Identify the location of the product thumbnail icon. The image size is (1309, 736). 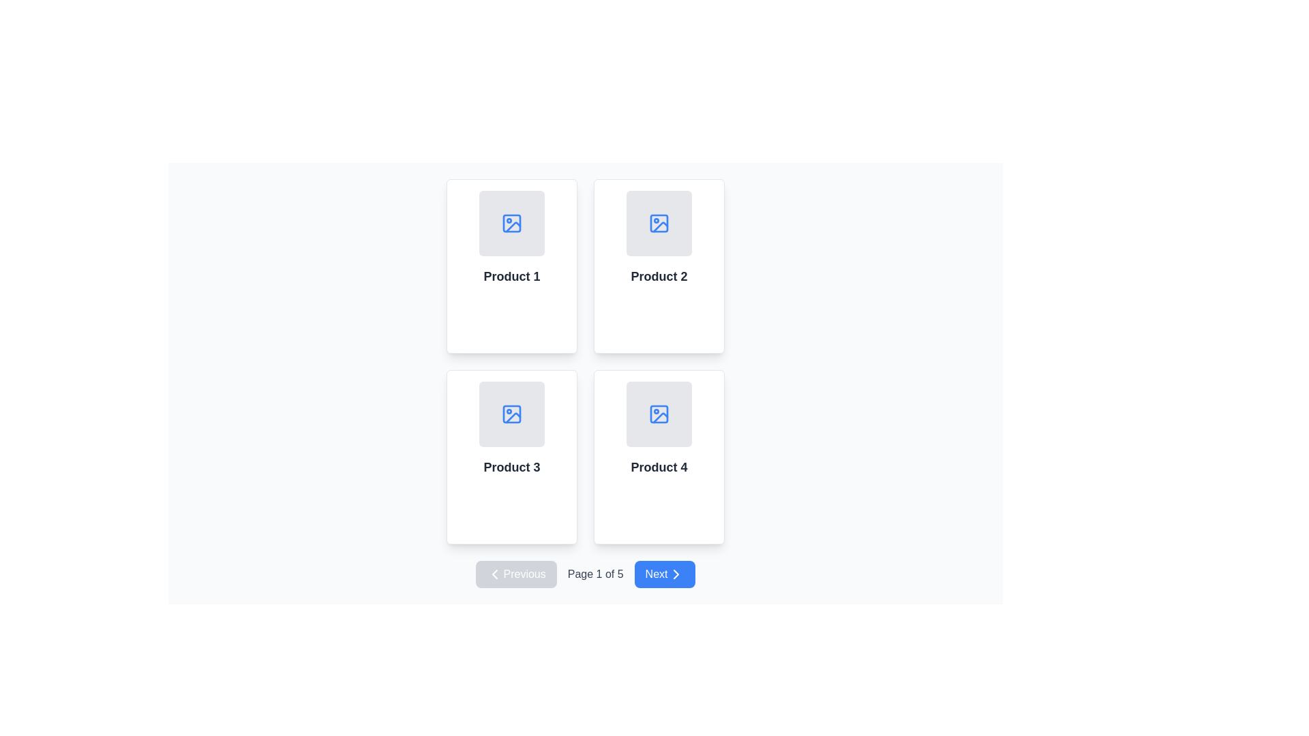
(511, 222).